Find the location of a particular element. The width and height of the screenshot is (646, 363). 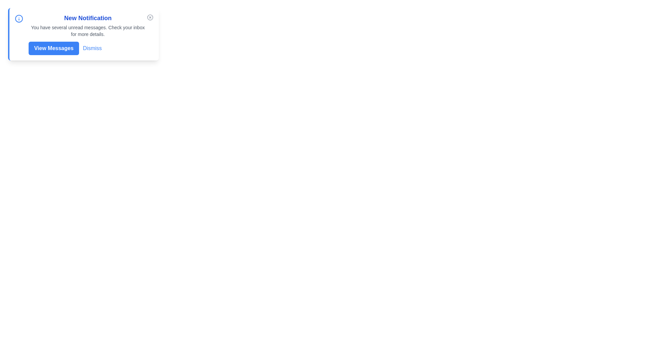

the Text link that dismisses the notification, located to the right of the 'View Messages' button in the notification footer bar is located at coordinates (92, 48).